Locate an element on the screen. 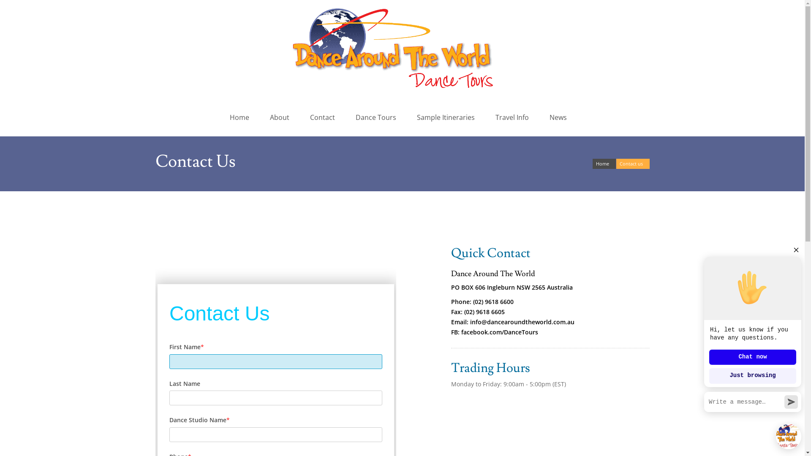  'Travel Info' is located at coordinates (513, 117).